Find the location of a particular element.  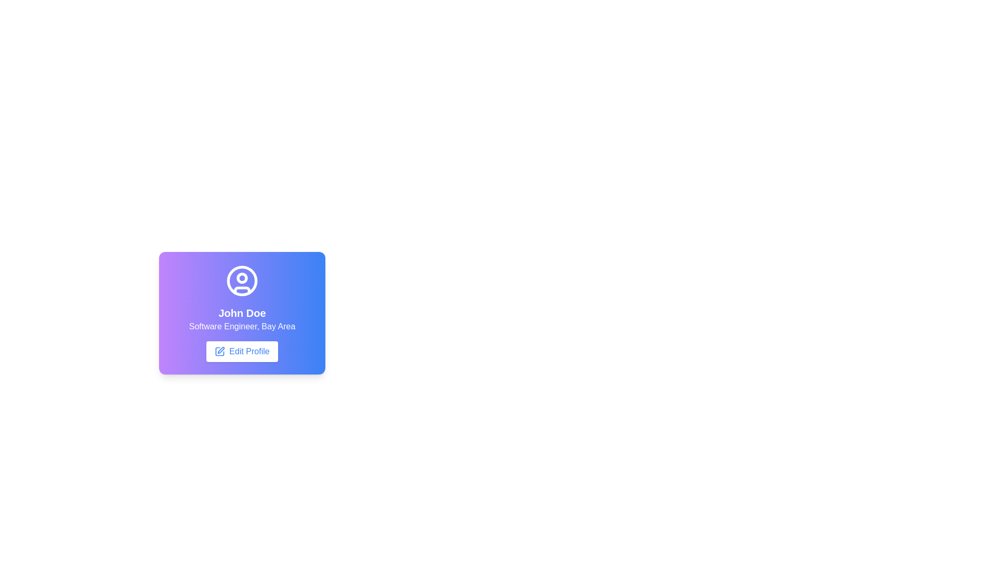

the circular graphic element within the user profile icon, which is located slightly below the center of the larger circle and represents a facial feature is located at coordinates (241, 277).